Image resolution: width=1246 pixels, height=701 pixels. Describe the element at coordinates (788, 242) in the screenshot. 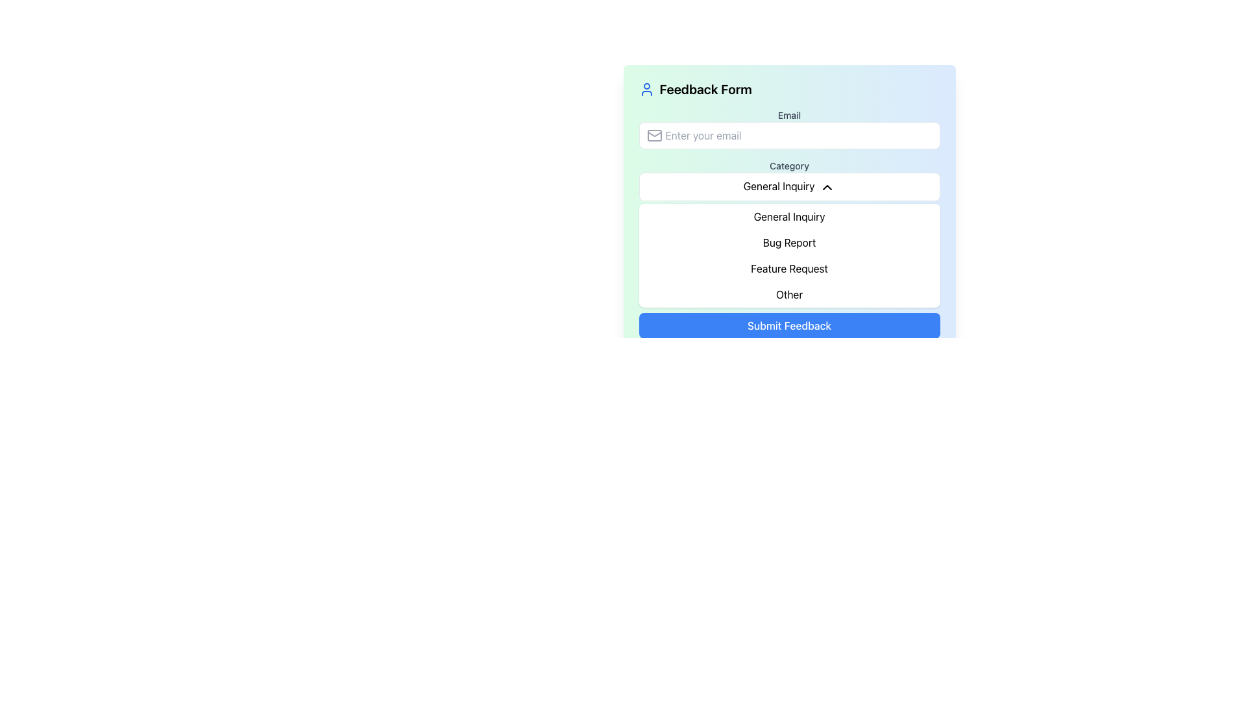

I see `the 'Bug Report' menu item in the dropdown list under the 'Category' section` at that location.